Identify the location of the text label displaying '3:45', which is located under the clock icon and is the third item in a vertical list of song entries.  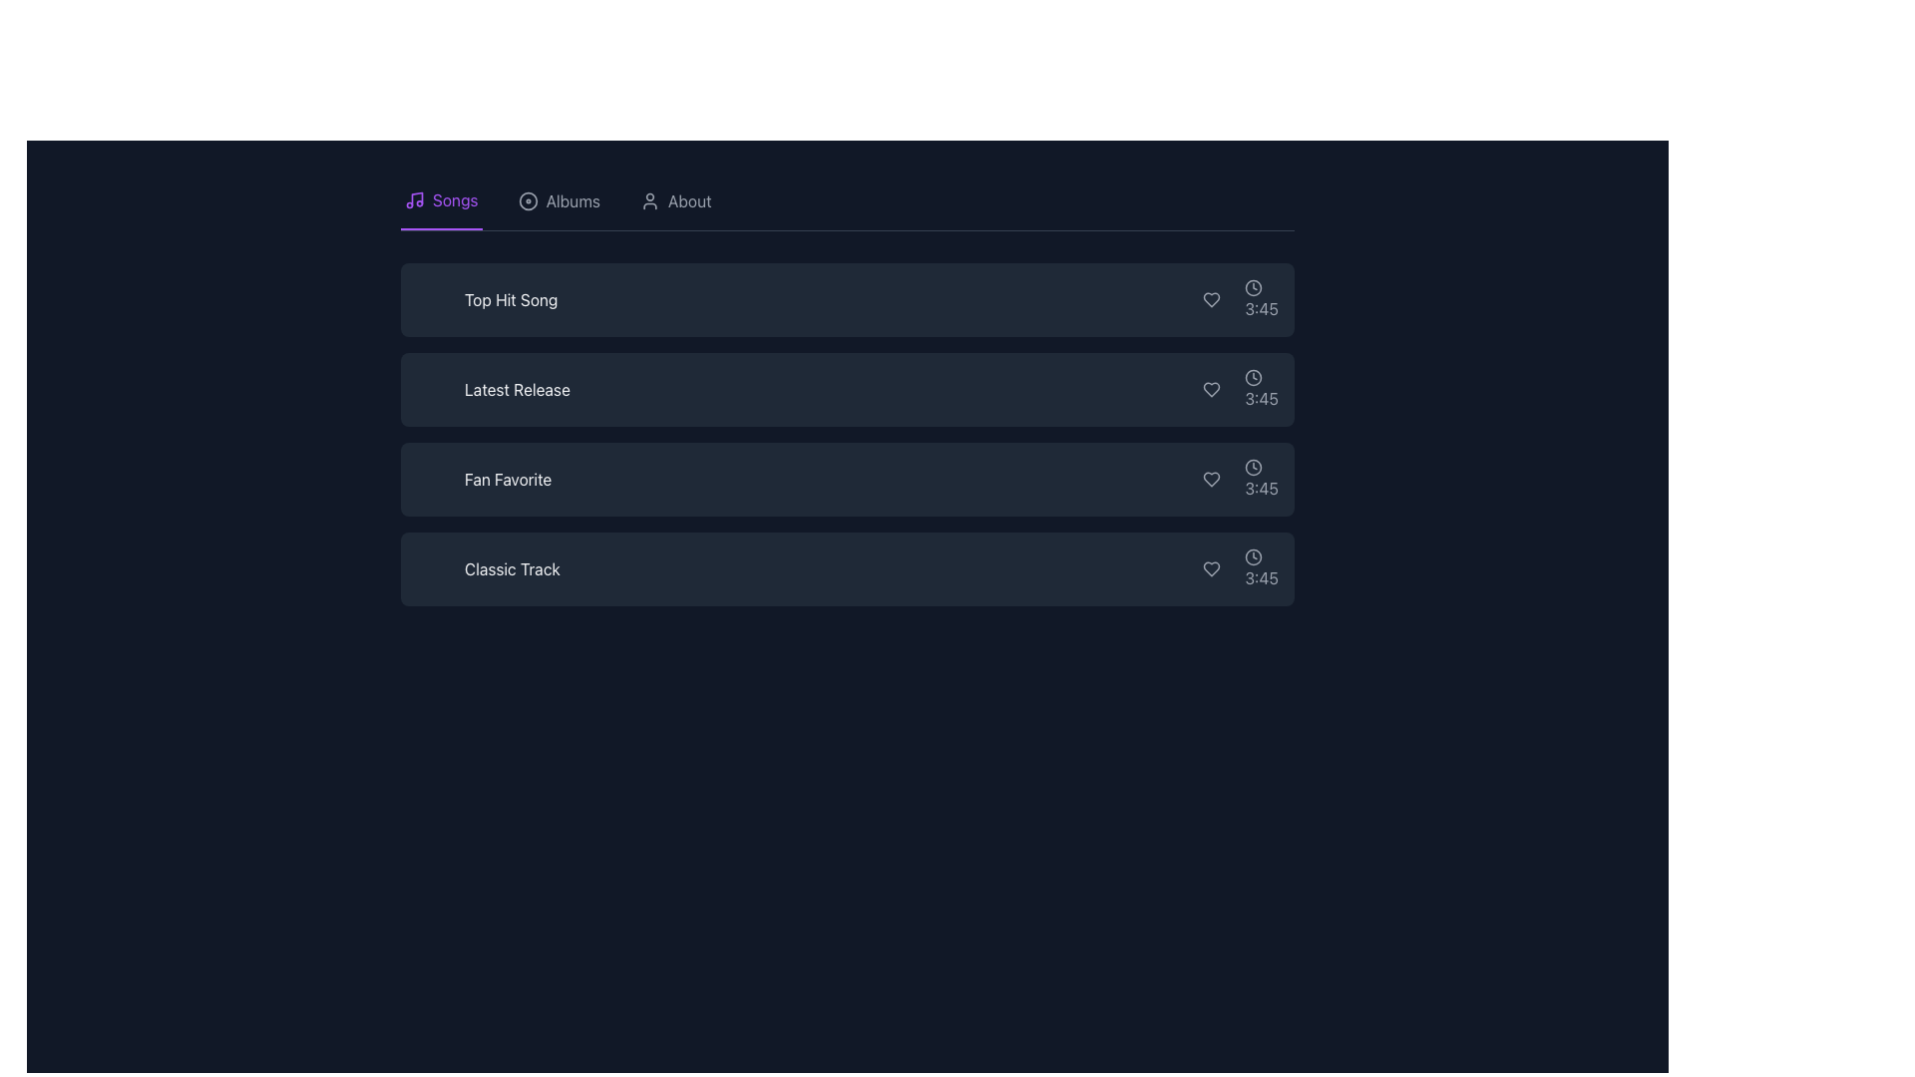
(1261, 389).